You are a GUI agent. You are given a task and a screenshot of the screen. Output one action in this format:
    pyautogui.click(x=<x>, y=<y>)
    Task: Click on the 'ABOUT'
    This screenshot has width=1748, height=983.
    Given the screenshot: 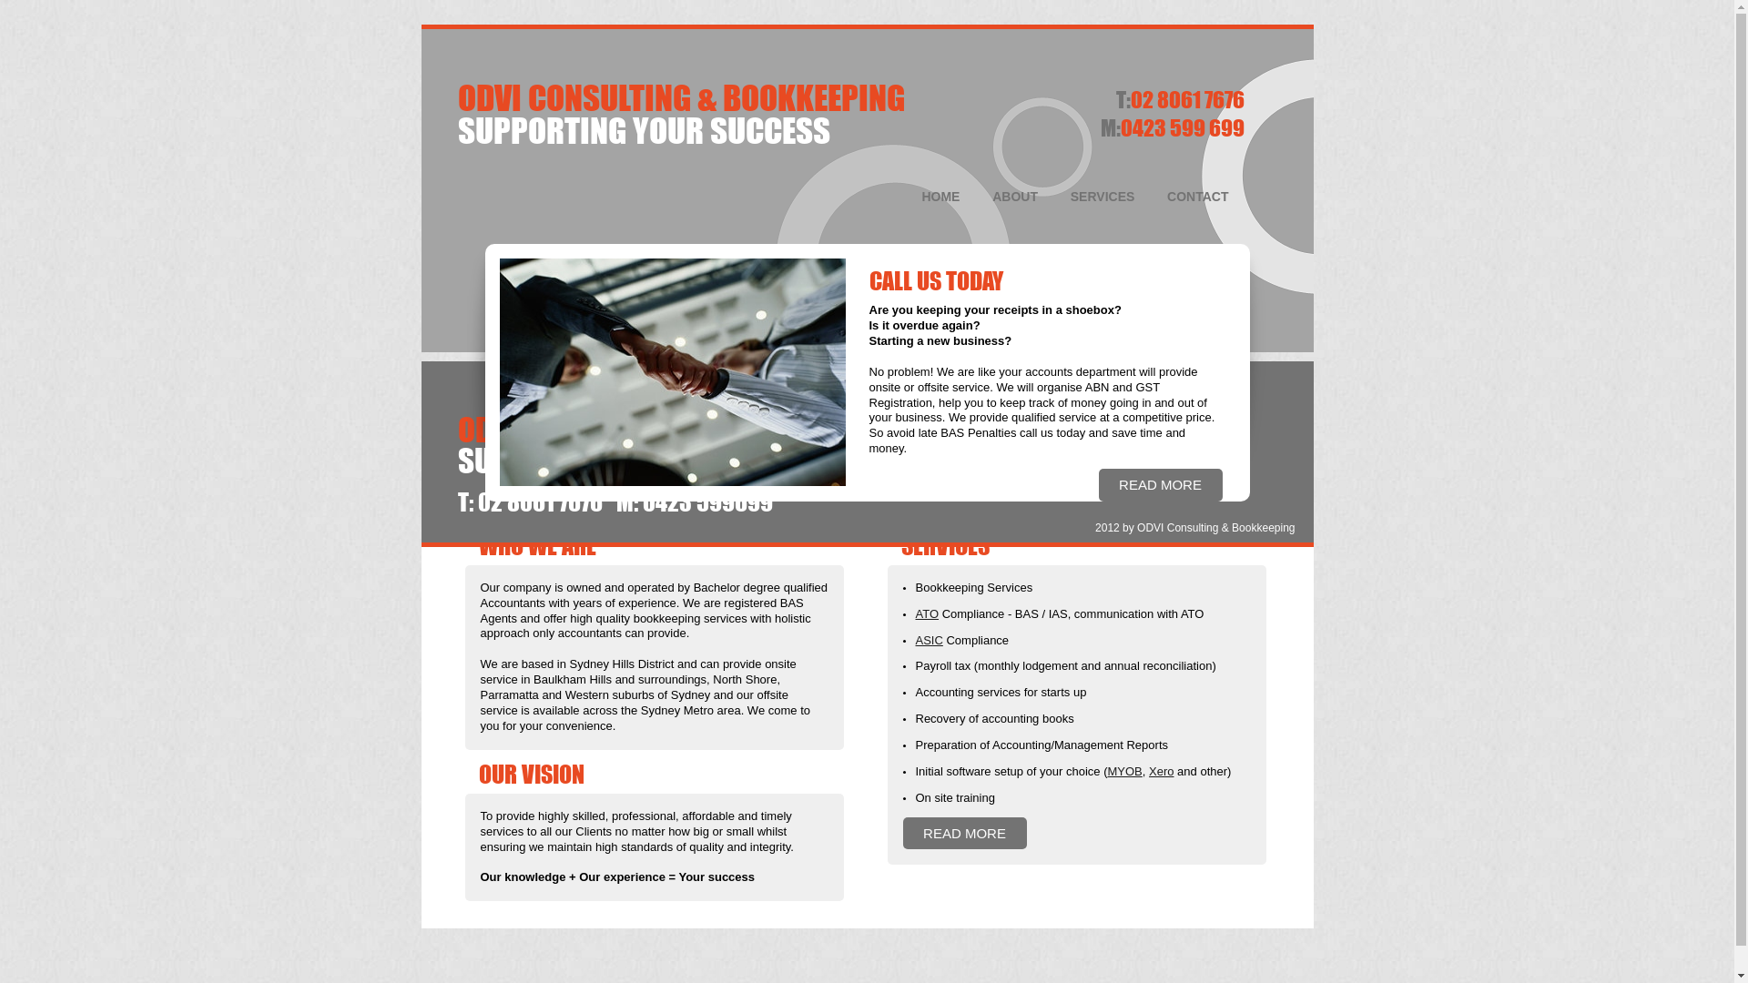 What is the action you would take?
    pyautogui.click(x=1014, y=390)
    